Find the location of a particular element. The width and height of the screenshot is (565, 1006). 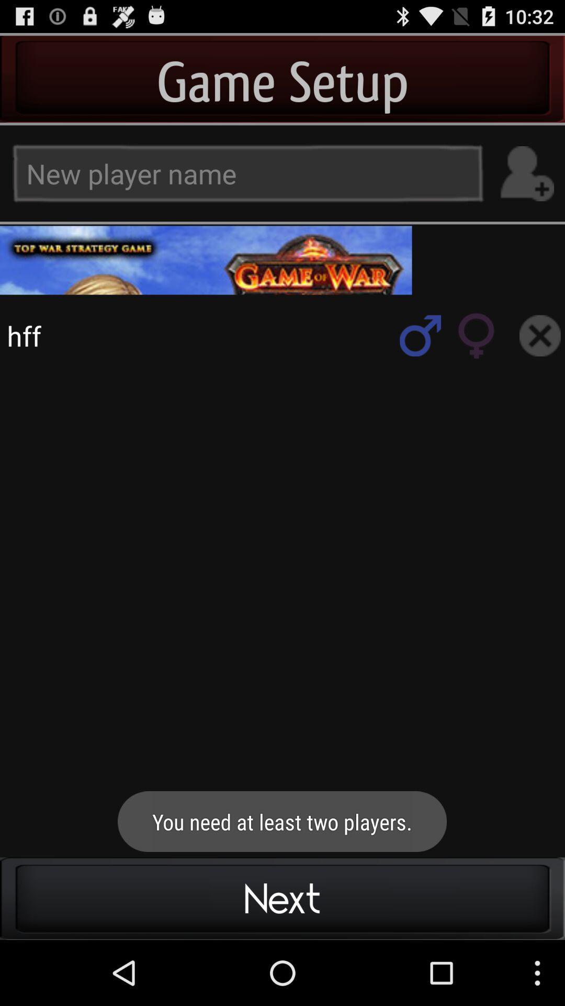

delete is located at coordinates (540, 335).